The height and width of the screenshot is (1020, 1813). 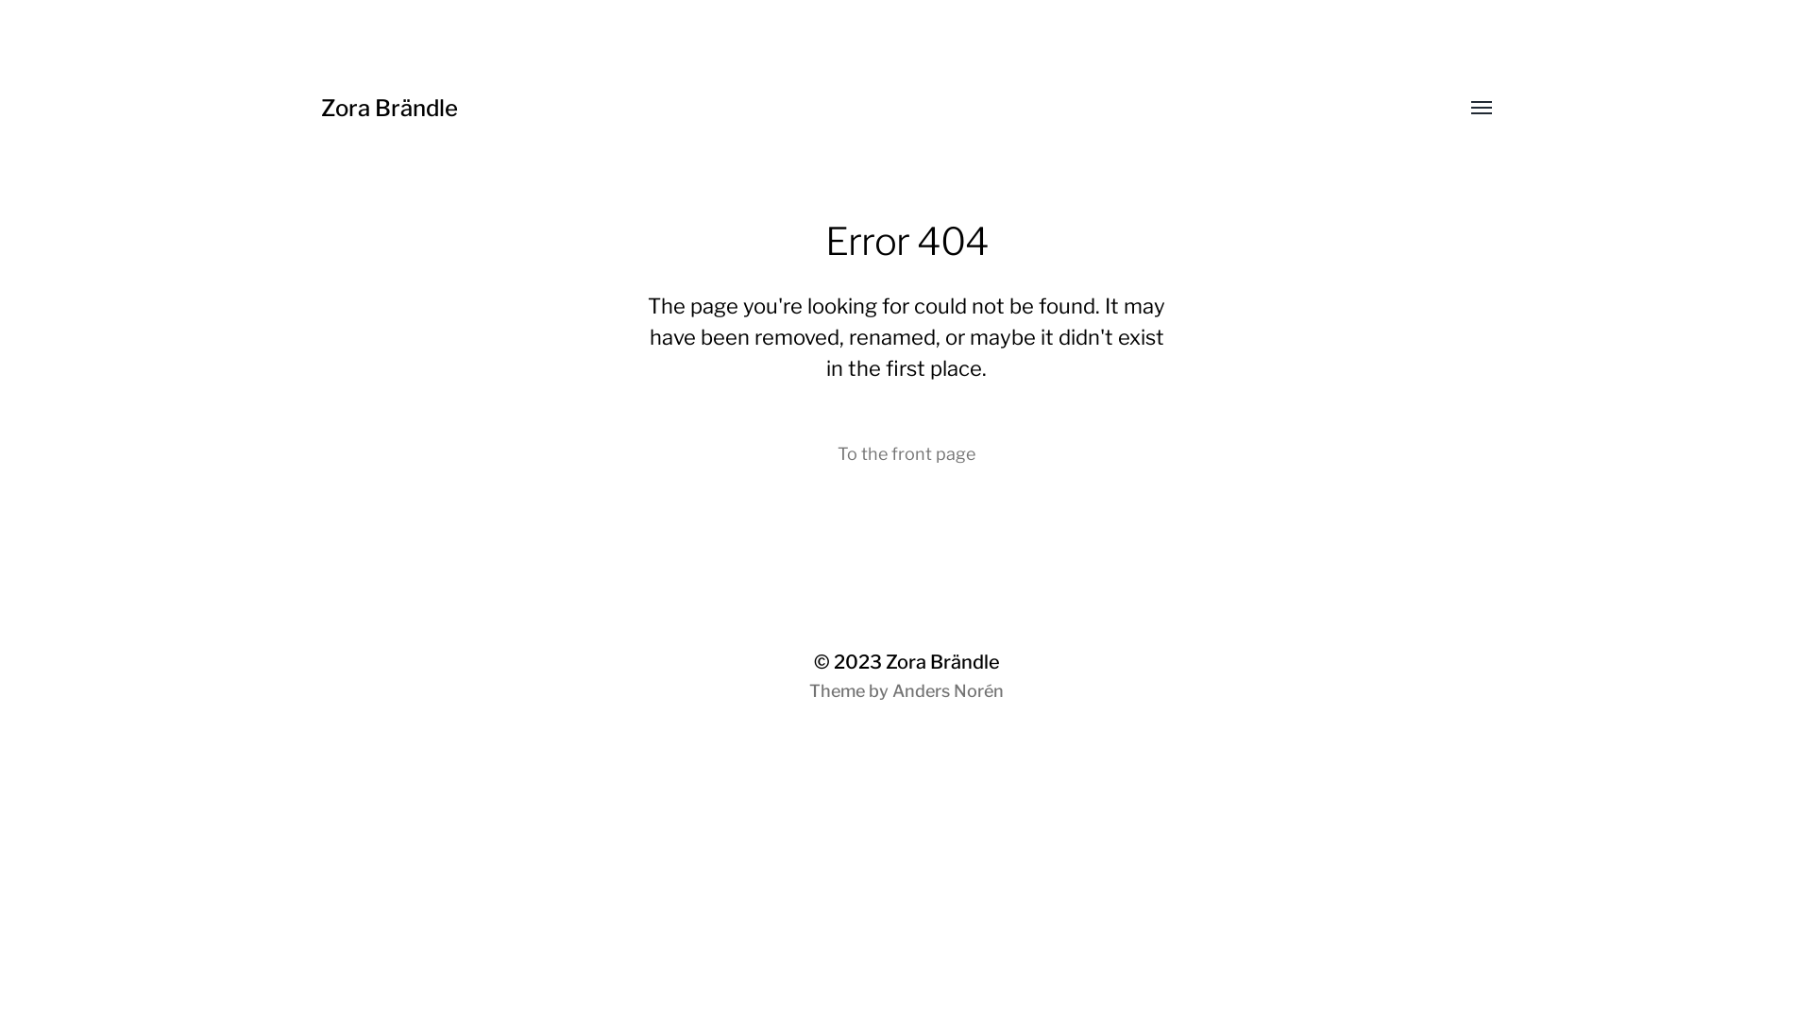 I want to click on 'Toggle menu', so click(x=1467, y=109).